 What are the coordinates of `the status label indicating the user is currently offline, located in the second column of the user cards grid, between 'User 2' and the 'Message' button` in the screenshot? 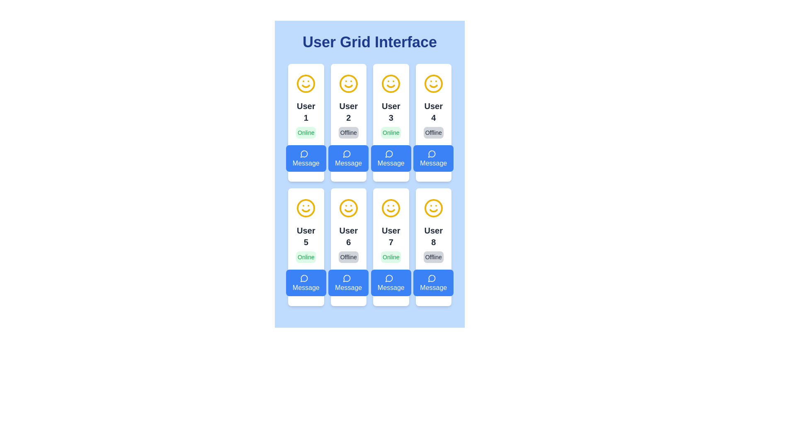 It's located at (348, 132).